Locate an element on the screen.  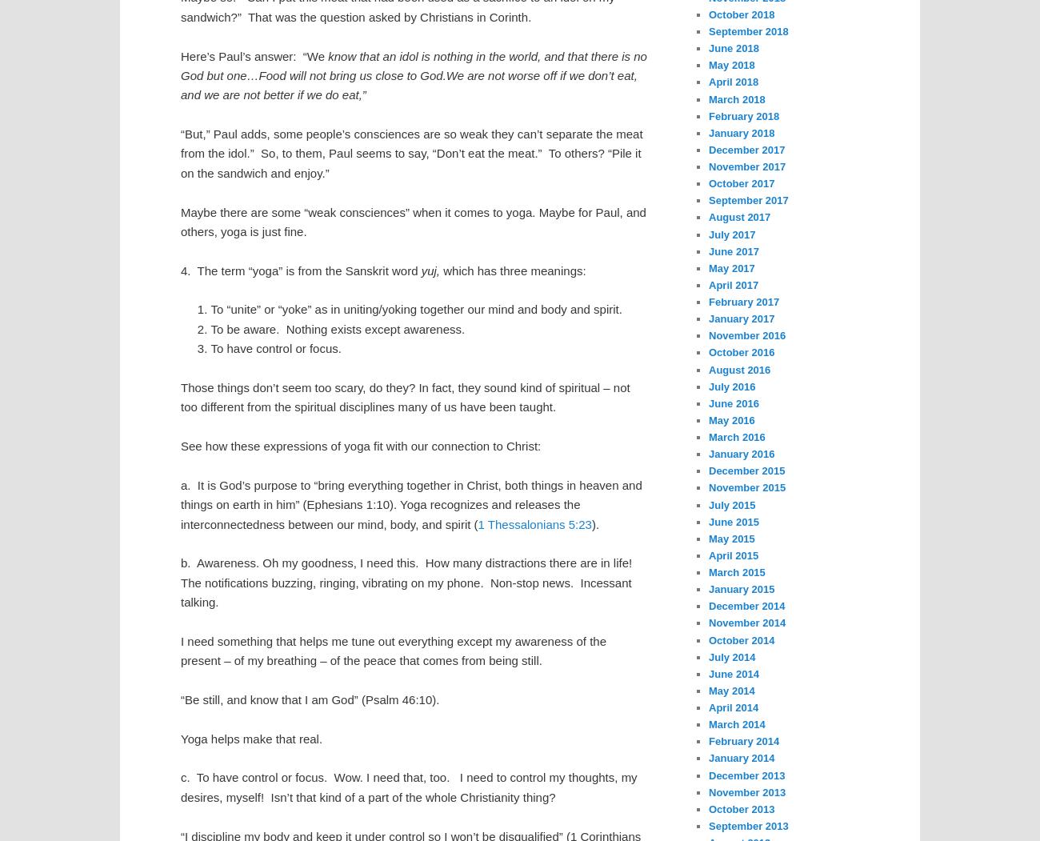
'b.' is located at coordinates (185, 562).